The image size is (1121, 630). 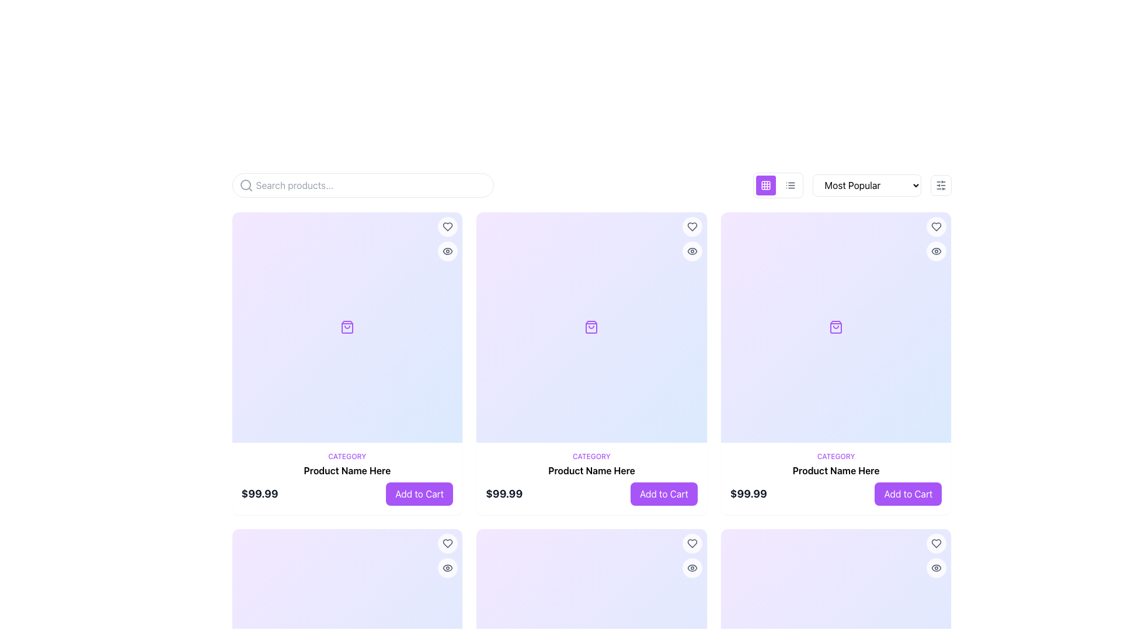 I want to click on the price text located at the bottom-left of the middle product card to trigger any tooltip or highlight, so click(x=504, y=494).